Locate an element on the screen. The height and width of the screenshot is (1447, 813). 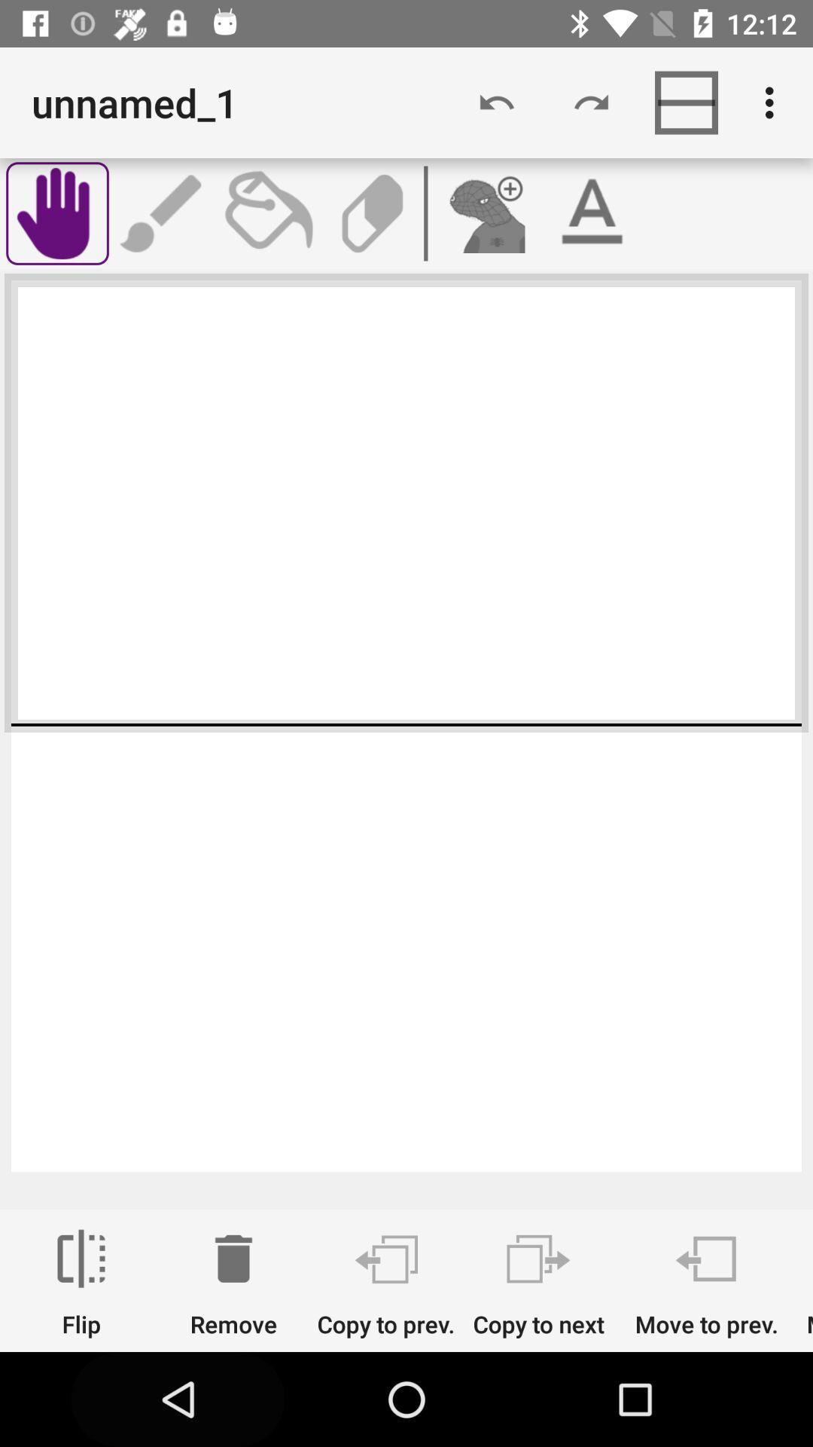
freehand draw is located at coordinates (56, 213).